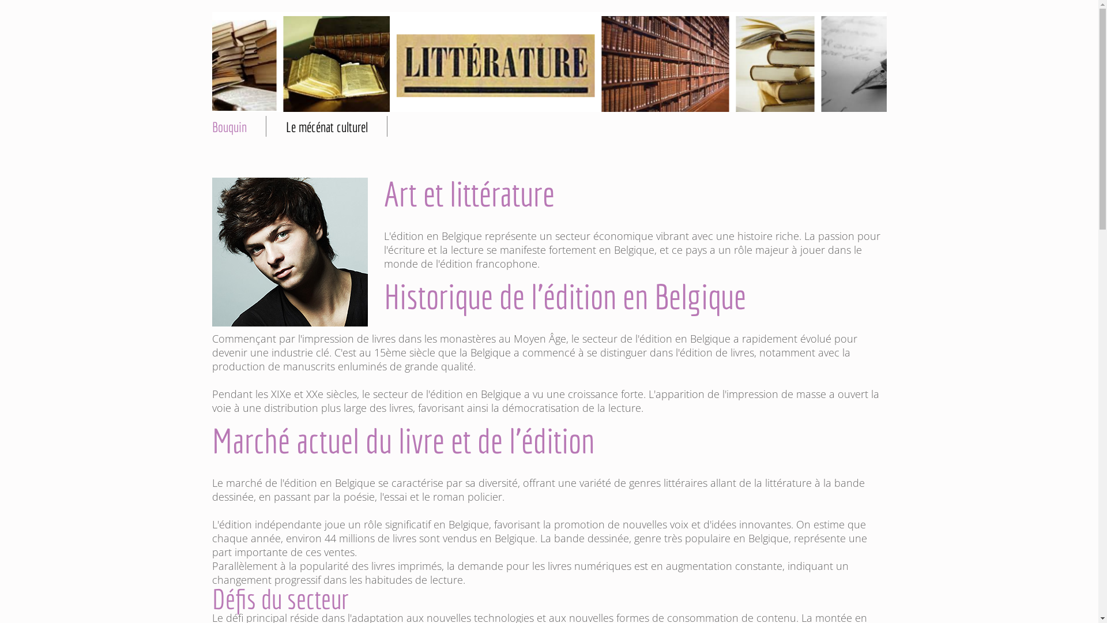  Describe the element at coordinates (229, 126) in the screenshot. I see `'Bouquin'` at that location.